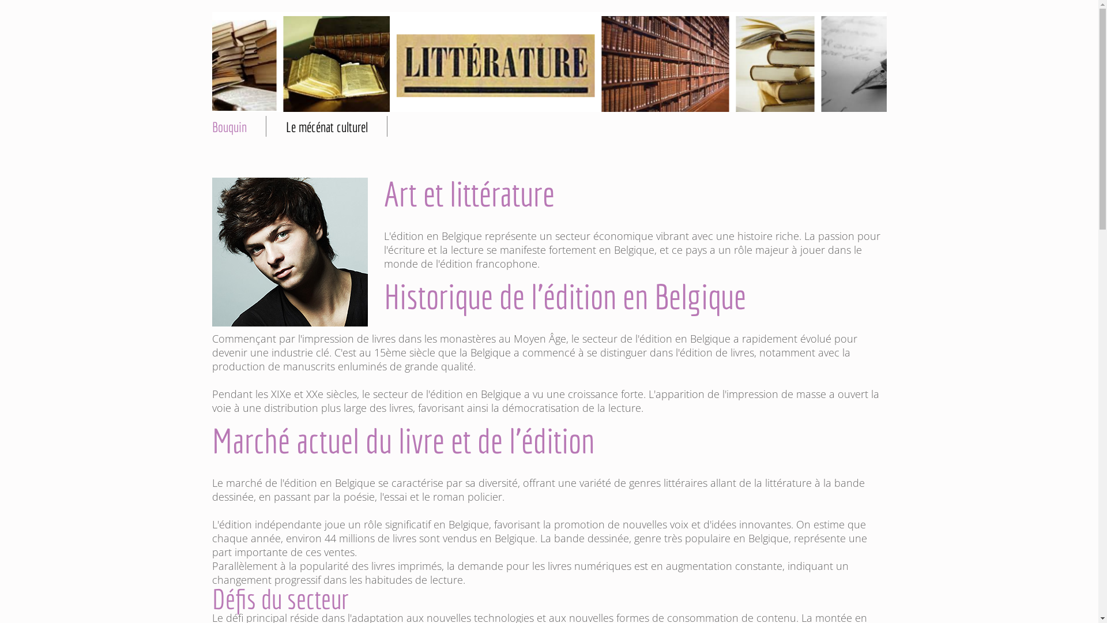  Describe the element at coordinates (229, 126) in the screenshot. I see `'Bouquin'` at that location.